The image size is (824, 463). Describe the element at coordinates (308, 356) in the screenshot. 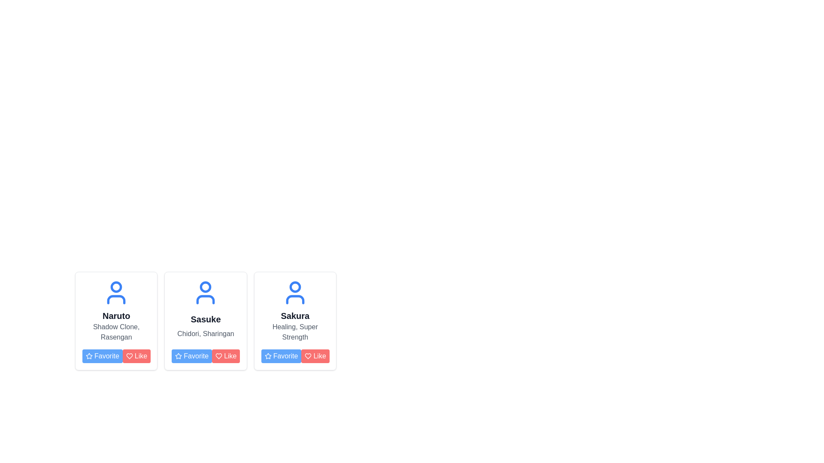

I see `the heart-shaped icon in red color` at that location.